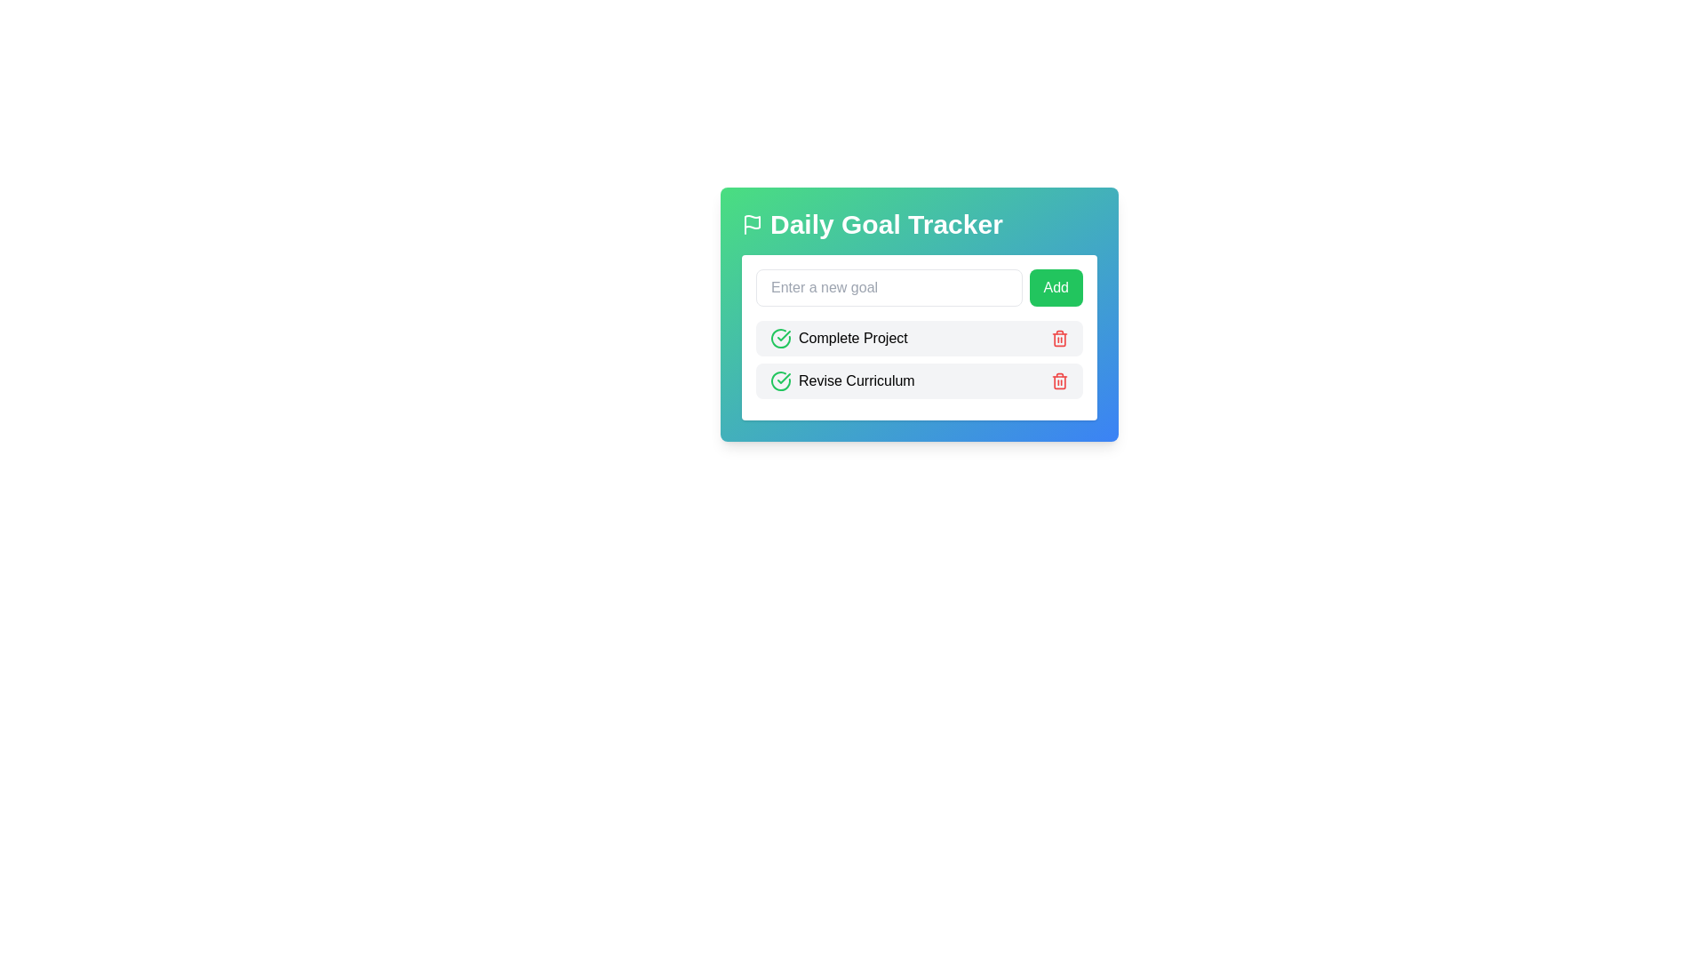 The image size is (1706, 960). I want to click on the completion icon for the 'Revise Curriculum' task in the 'Daily Goal Tracker', so click(780, 380).